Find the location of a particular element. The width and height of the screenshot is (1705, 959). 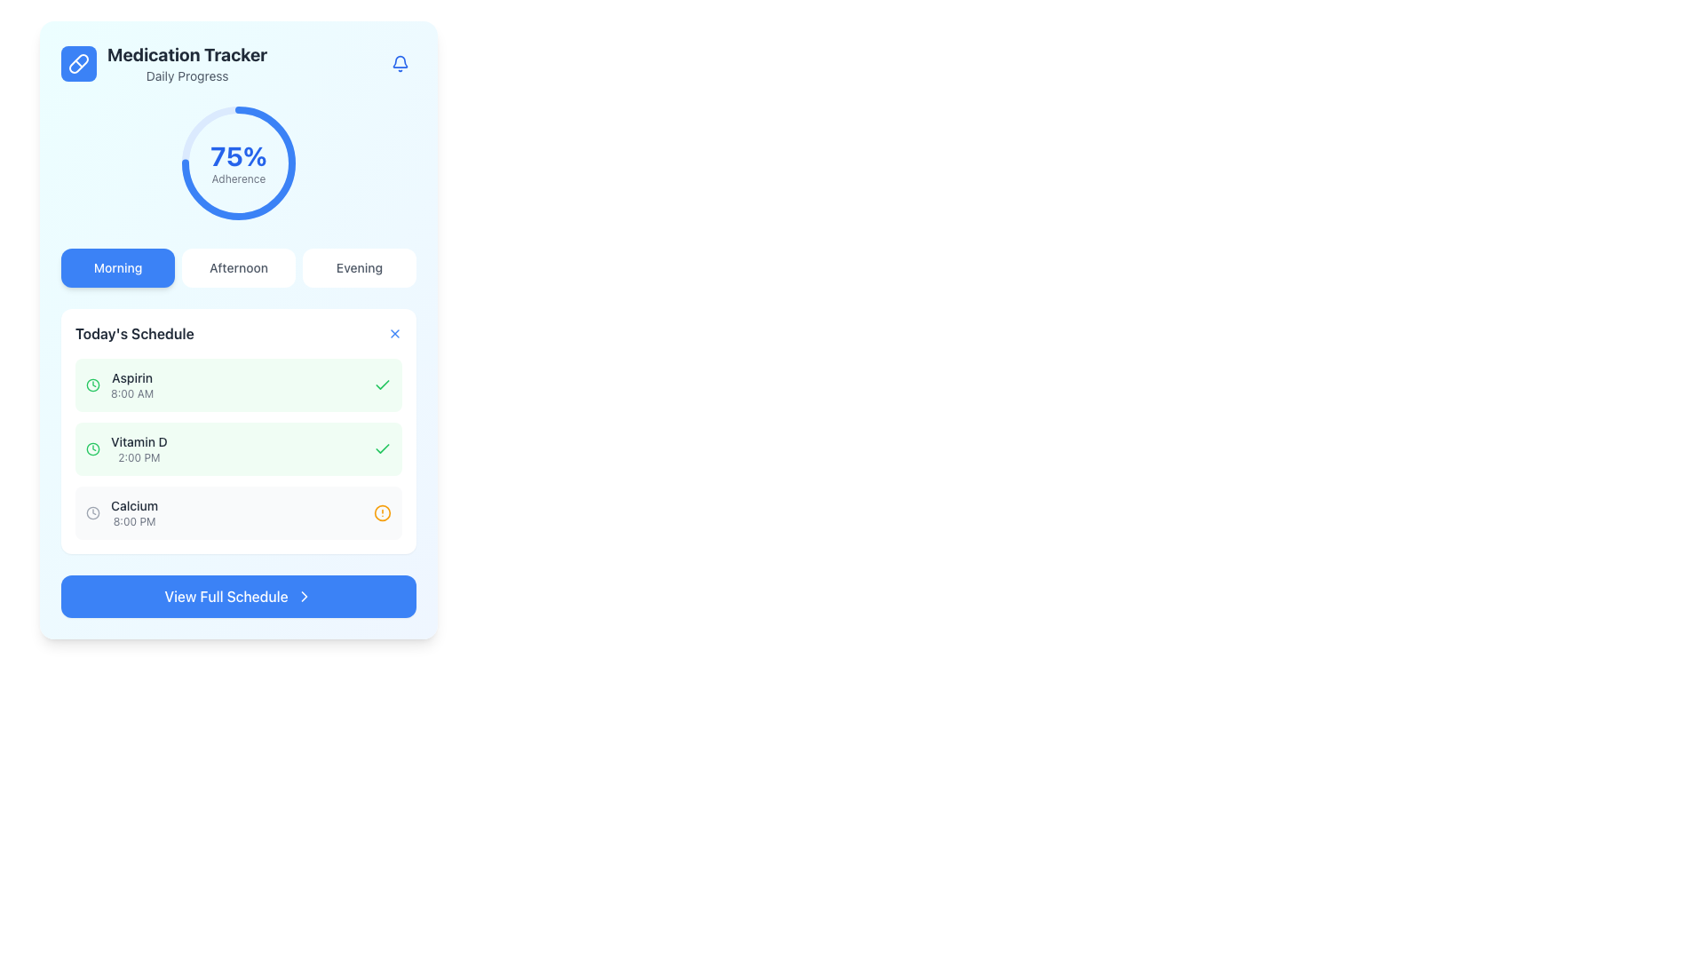

the 'View Full Schedule' button with a blue background and white text at the bottom of the 'Medication Tracker' card is located at coordinates (237, 596).